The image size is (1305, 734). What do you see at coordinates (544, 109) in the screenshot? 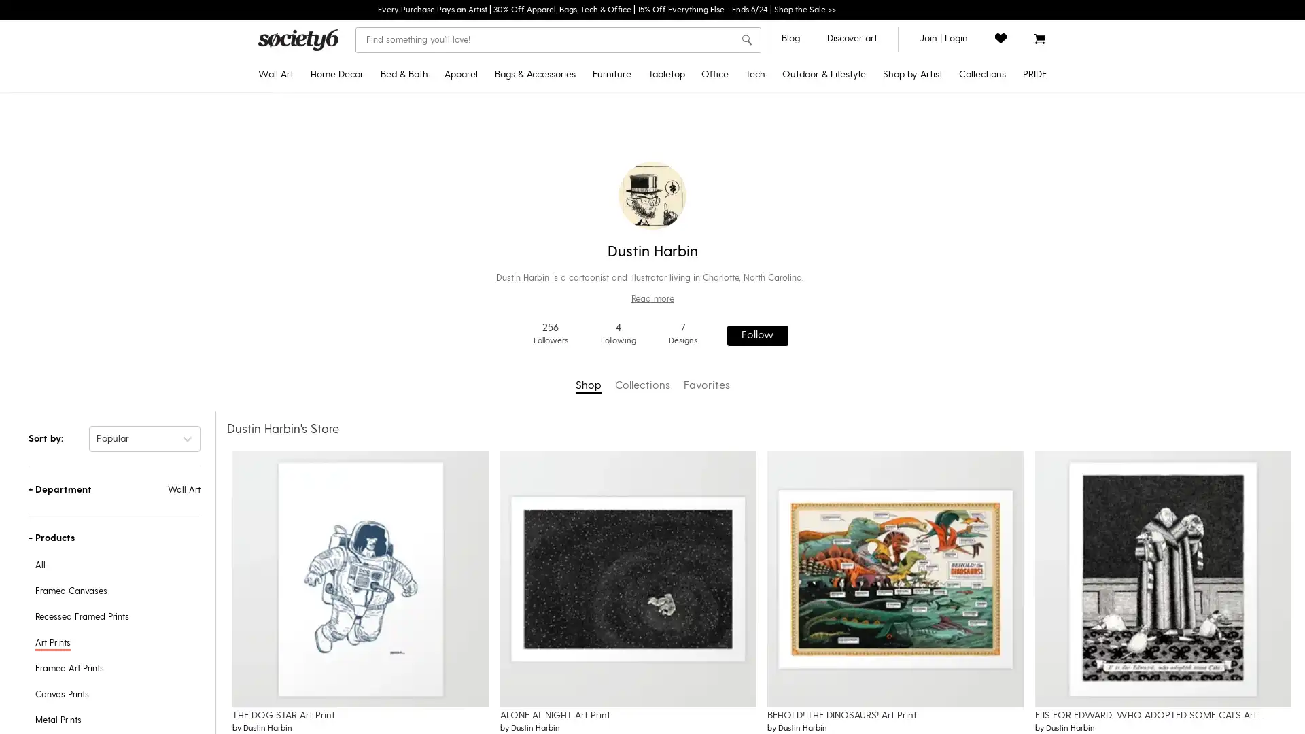
I see `Tote Bags` at bounding box center [544, 109].